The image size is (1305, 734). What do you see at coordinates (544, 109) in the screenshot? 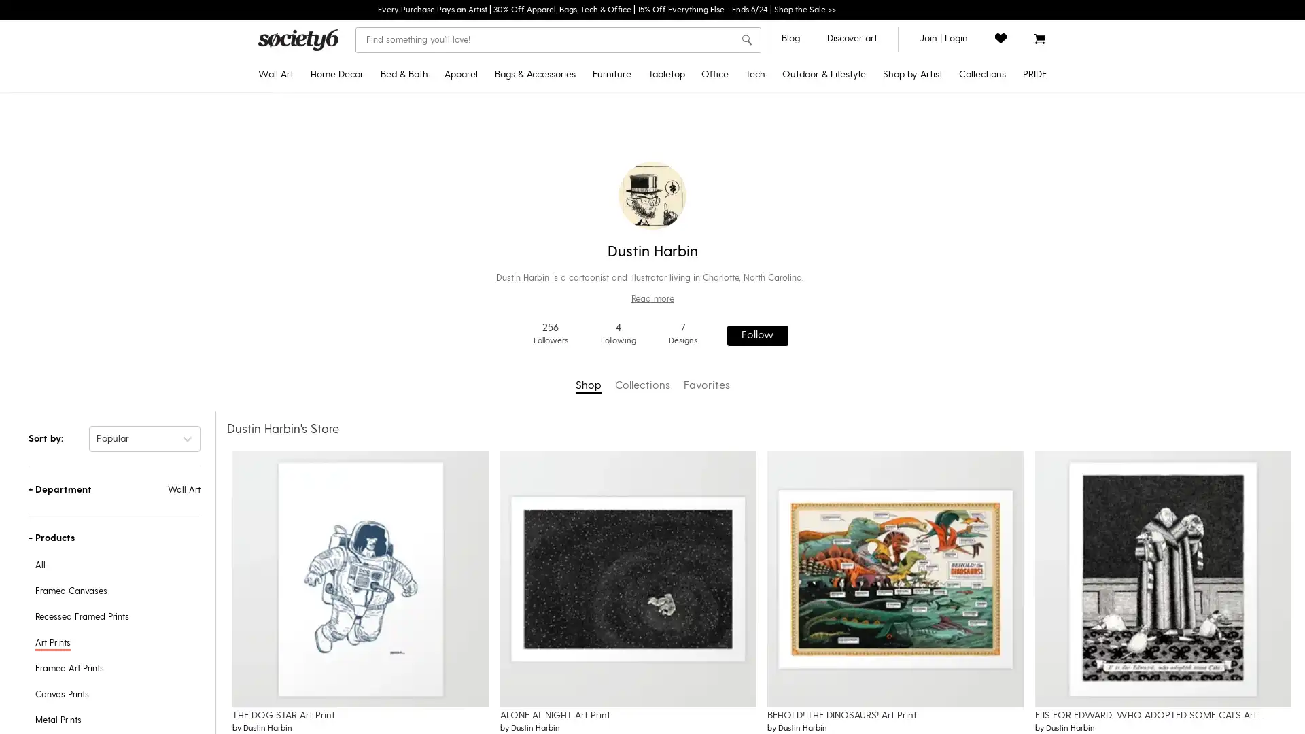
I see `Tote Bags` at bounding box center [544, 109].